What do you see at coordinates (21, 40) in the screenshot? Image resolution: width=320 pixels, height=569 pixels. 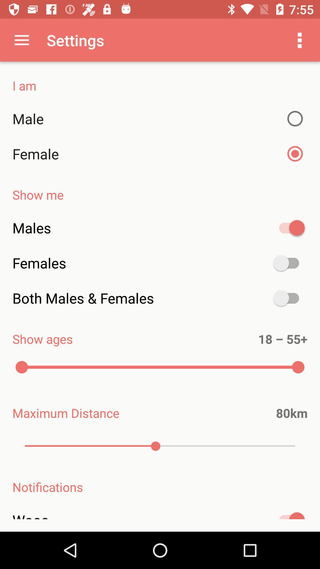 I see `item above the i am item` at bounding box center [21, 40].